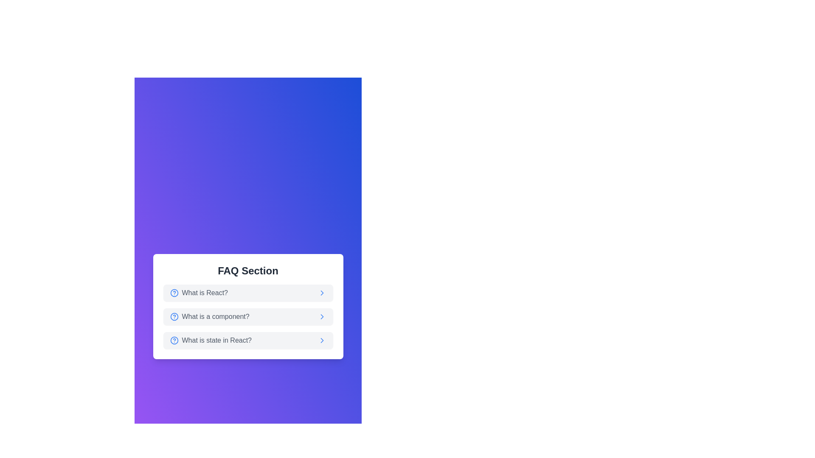 The height and width of the screenshot is (458, 815). I want to click on the chevron icon located to the far right of the third FAQ item labeled 'What is state in React?', so click(321, 340).